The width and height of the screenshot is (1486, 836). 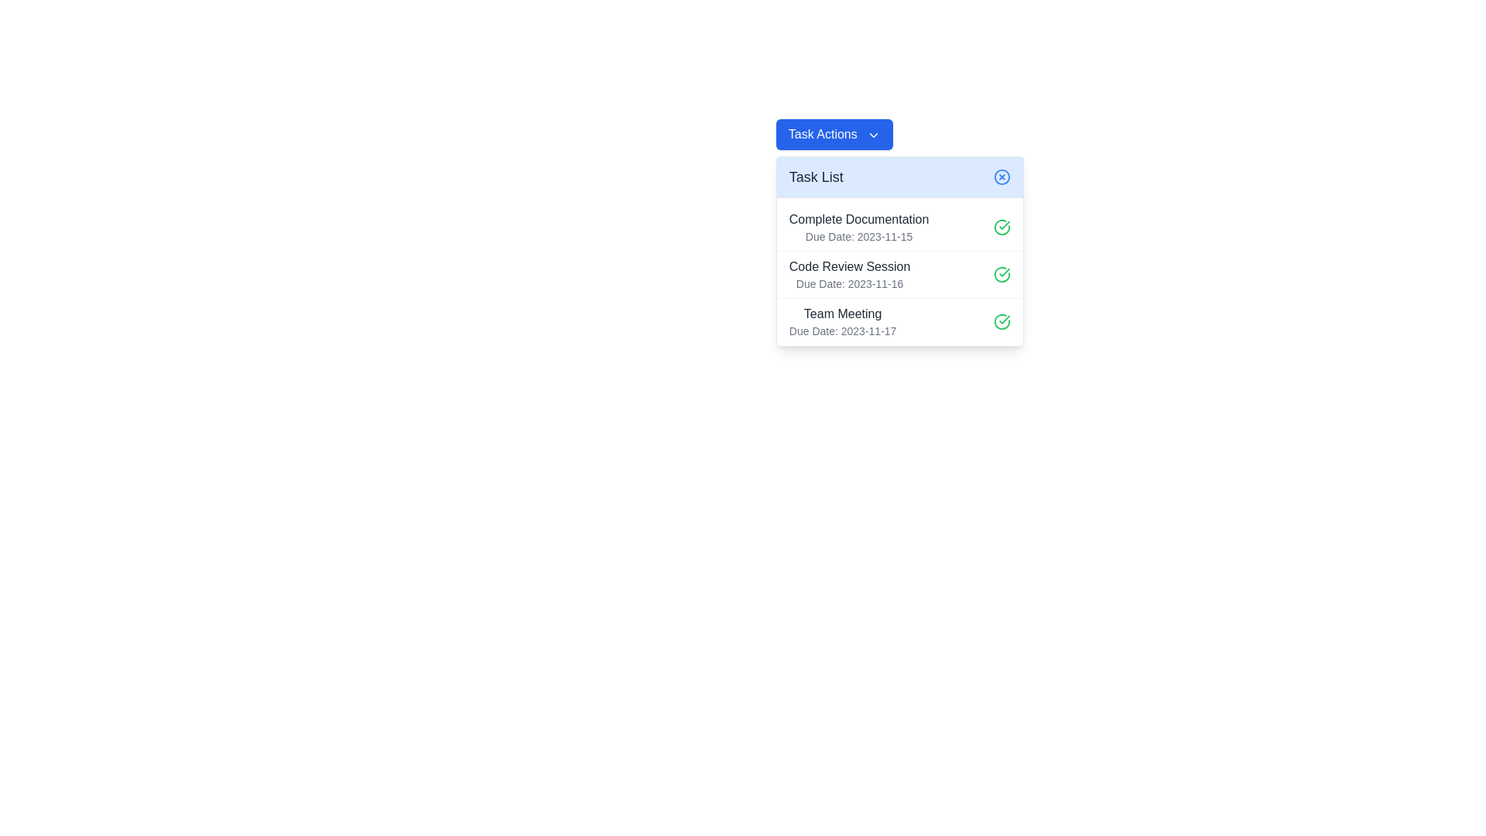 I want to click on the task status icon indicating completion for the 'Complete Documentation' task in the task list, so click(x=1005, y=225).